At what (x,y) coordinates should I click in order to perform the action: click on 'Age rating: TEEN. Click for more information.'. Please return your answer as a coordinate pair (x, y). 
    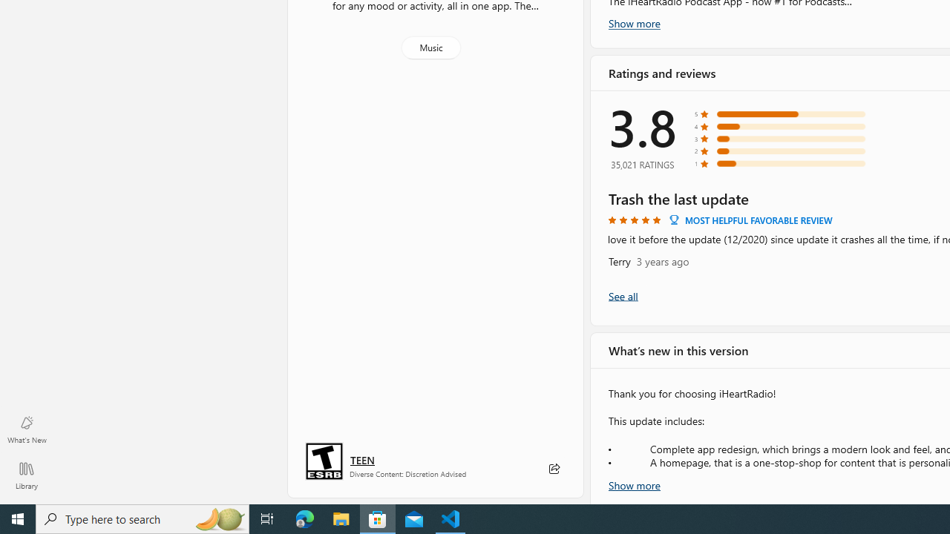
    Looking at the image, I should click on (362, 458).